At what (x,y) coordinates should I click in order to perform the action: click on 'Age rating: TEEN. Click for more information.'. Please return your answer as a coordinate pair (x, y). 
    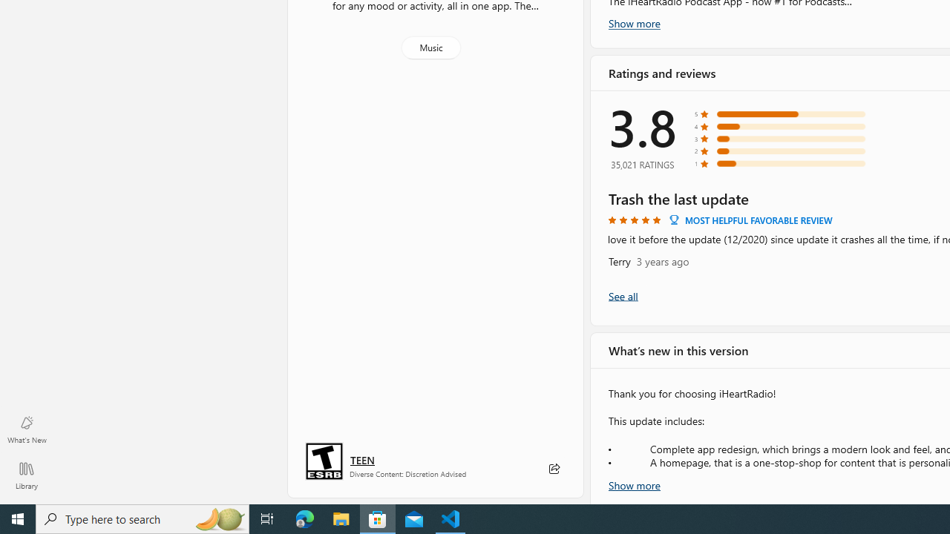
    Looking at the image, I should click on (362, 458).